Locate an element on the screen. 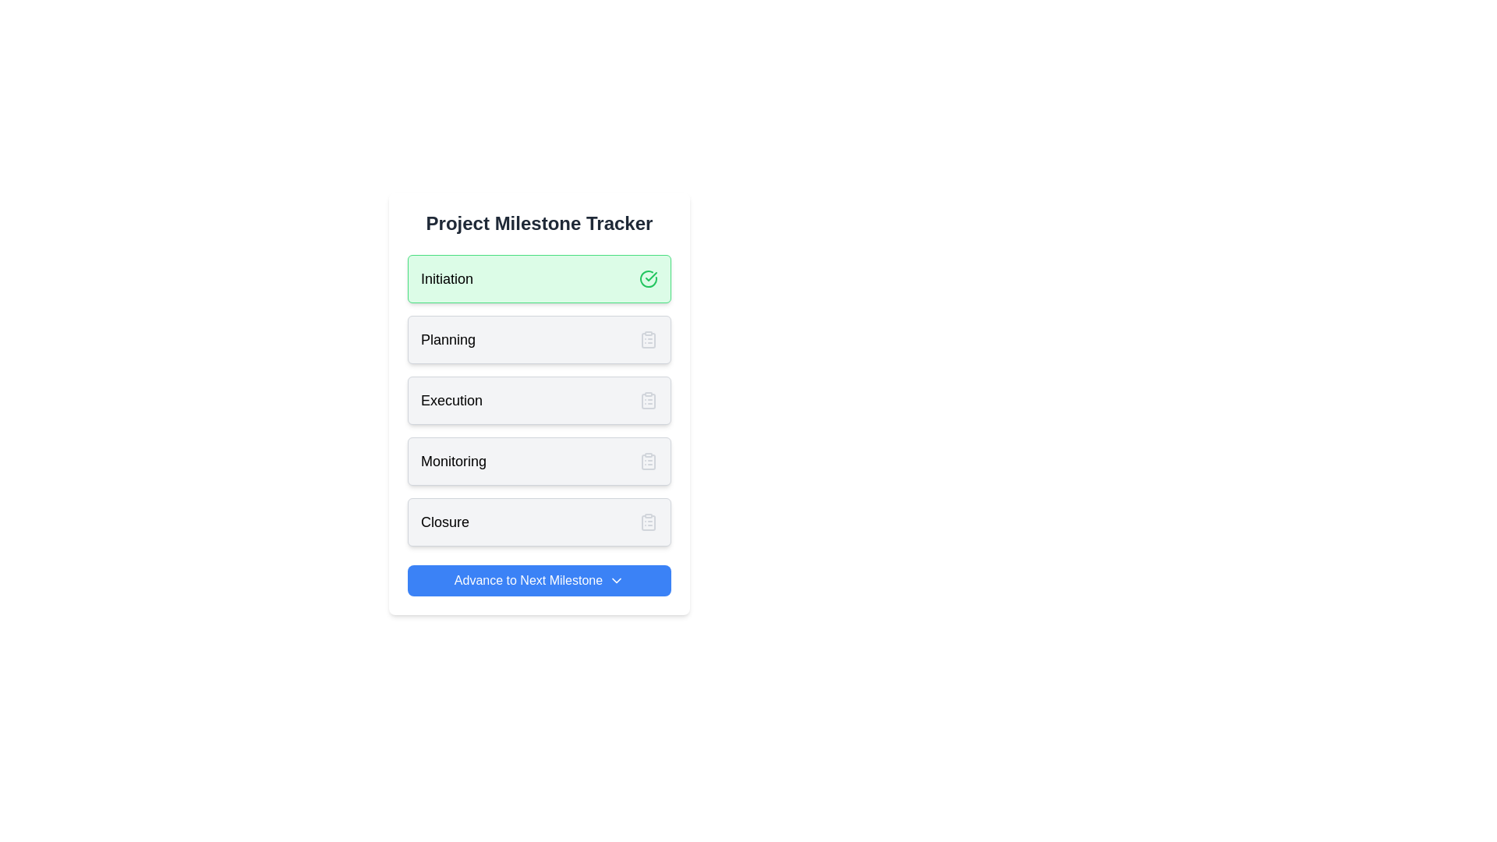  the circular icon with a green checkmark inside it, located towards the right side of the 'Initiation' row in the milestone tracker interface is located at coordinates (648, 278).